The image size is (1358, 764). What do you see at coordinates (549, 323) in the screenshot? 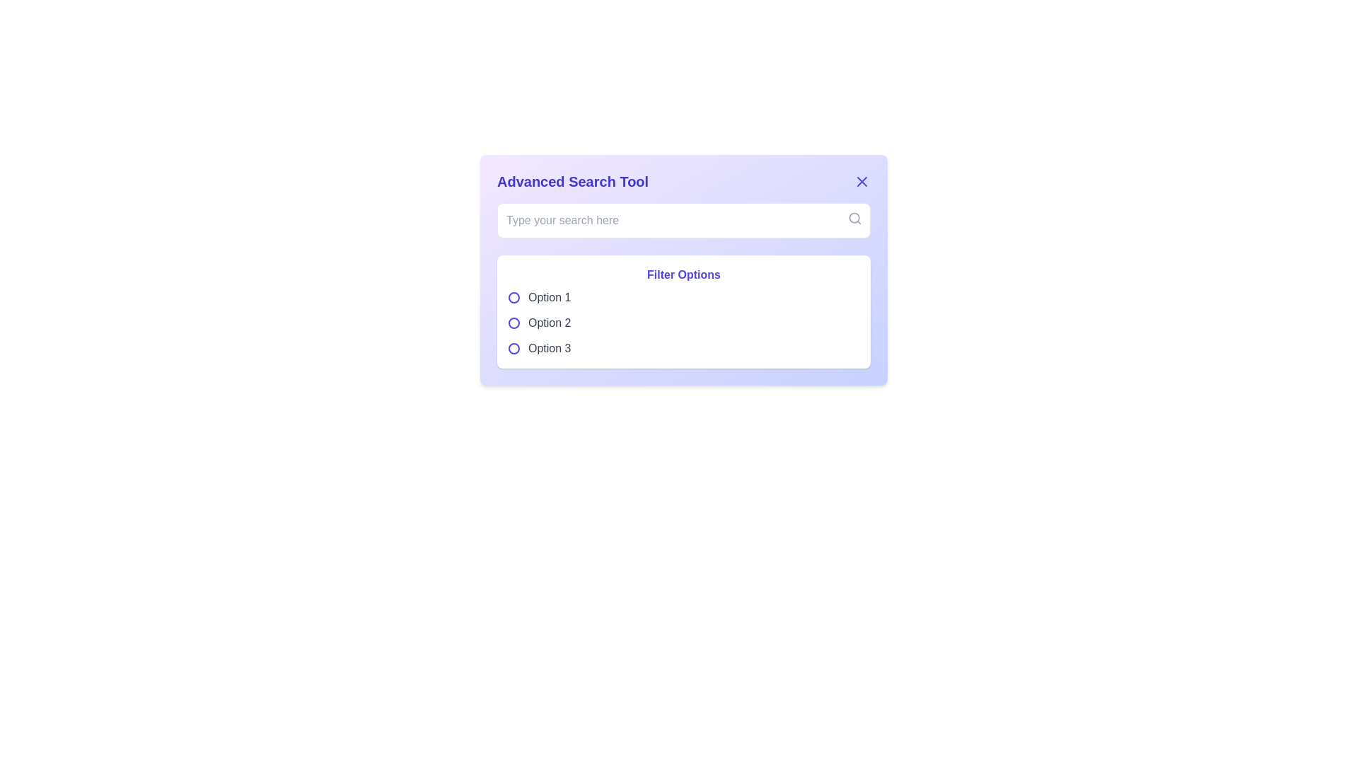
I see `the second text label associated with the radio button in the 'Filter Options' section, which indicates the option it represents` at bounding box center [549, 323].